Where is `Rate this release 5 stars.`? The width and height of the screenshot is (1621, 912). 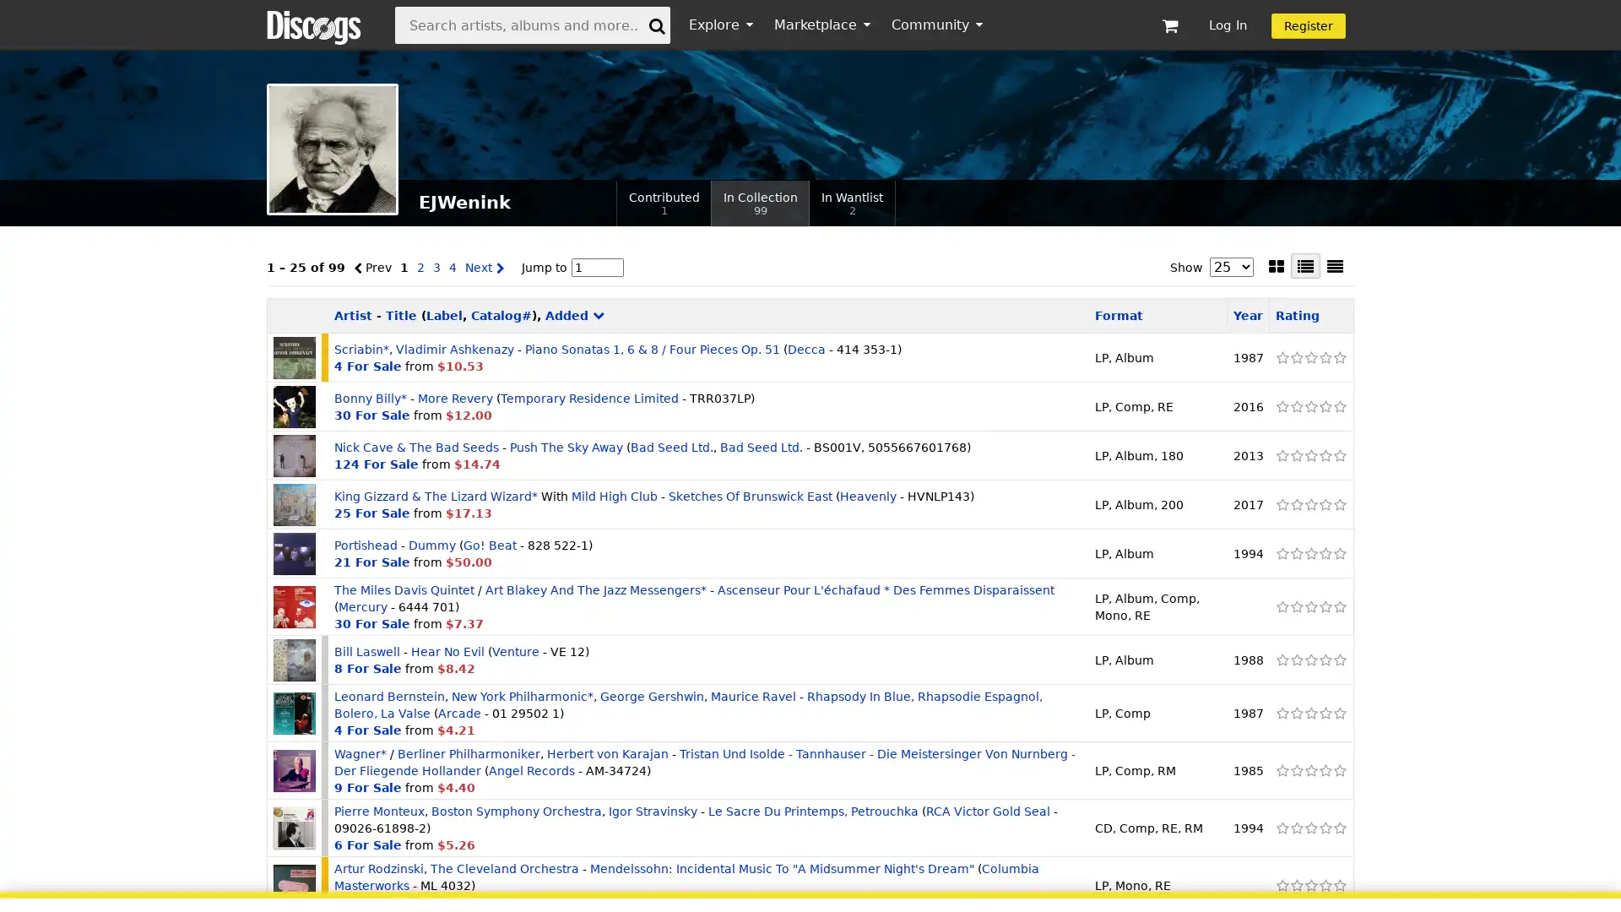
Rate this release 5 stars. is located at coordinates (1338, 553).